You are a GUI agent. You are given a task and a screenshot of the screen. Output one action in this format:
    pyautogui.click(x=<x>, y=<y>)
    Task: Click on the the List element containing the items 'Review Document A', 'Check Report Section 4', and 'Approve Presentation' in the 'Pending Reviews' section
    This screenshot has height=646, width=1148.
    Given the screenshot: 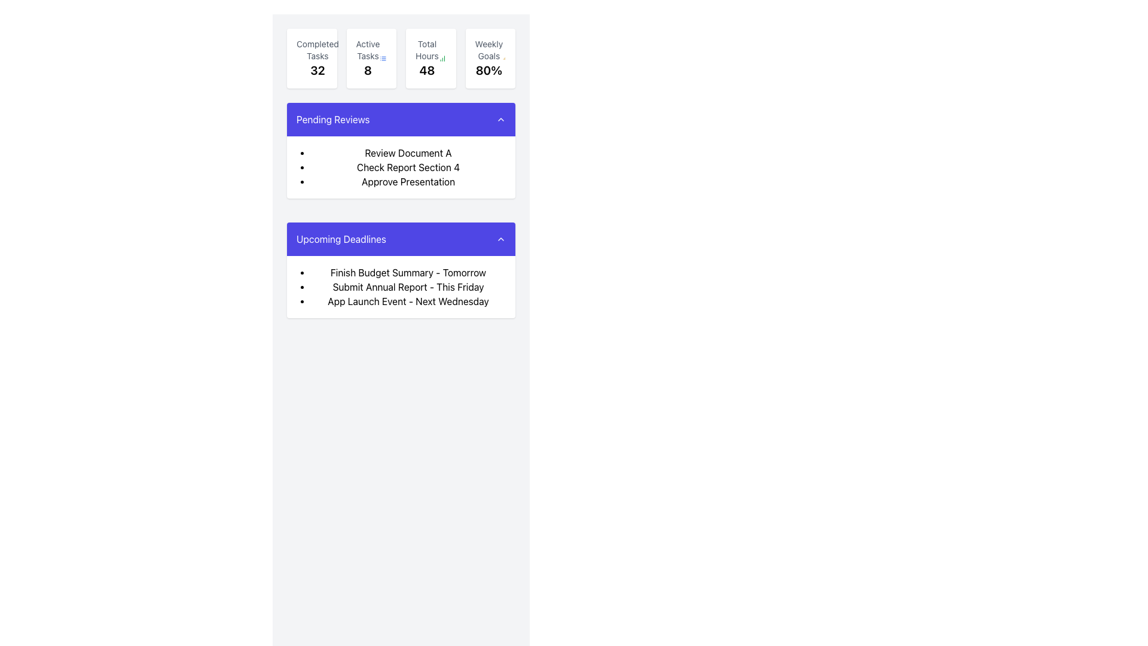 What is the action you would take?
    pyautogui.click(x=408, y=167)
    